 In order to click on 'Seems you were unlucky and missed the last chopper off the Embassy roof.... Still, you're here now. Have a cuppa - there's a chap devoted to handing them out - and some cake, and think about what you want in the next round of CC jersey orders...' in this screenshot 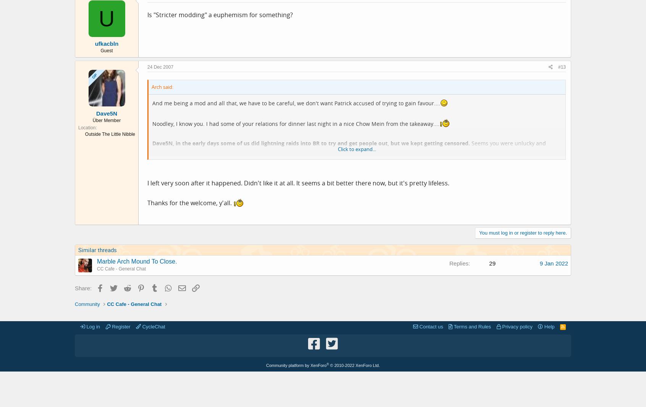, I will do `click(354, 152)`.